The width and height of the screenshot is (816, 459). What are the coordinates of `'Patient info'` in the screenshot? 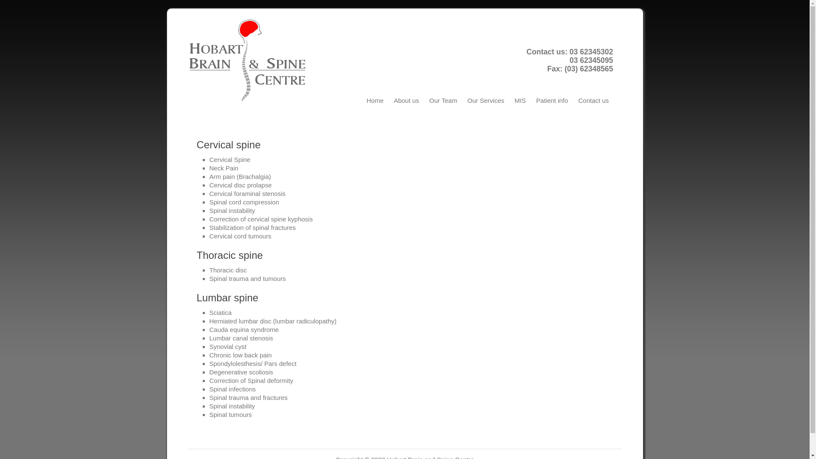 It's located at (552, 100).